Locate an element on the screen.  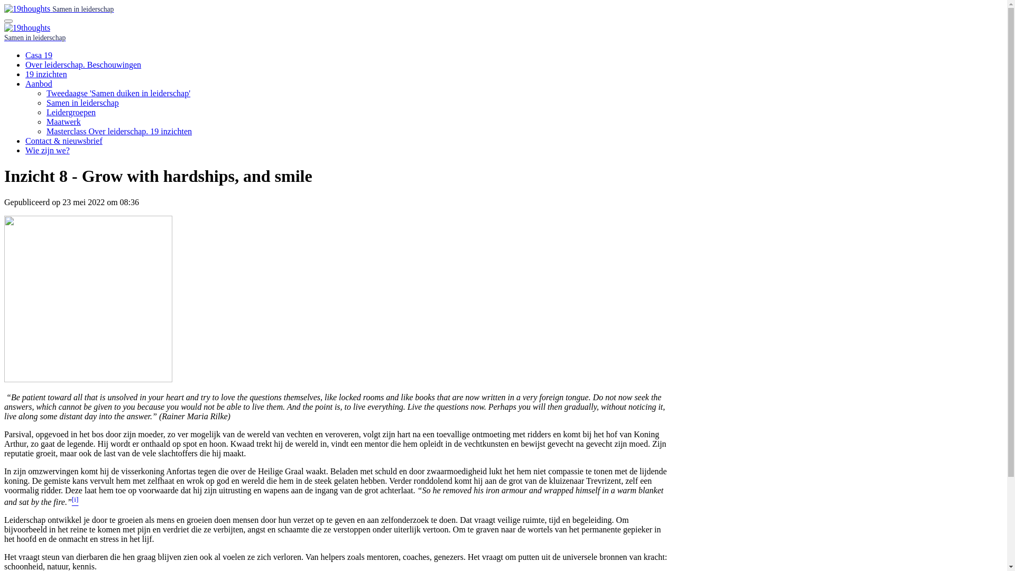
'19thoughts' is located at coordinates (27, 8).